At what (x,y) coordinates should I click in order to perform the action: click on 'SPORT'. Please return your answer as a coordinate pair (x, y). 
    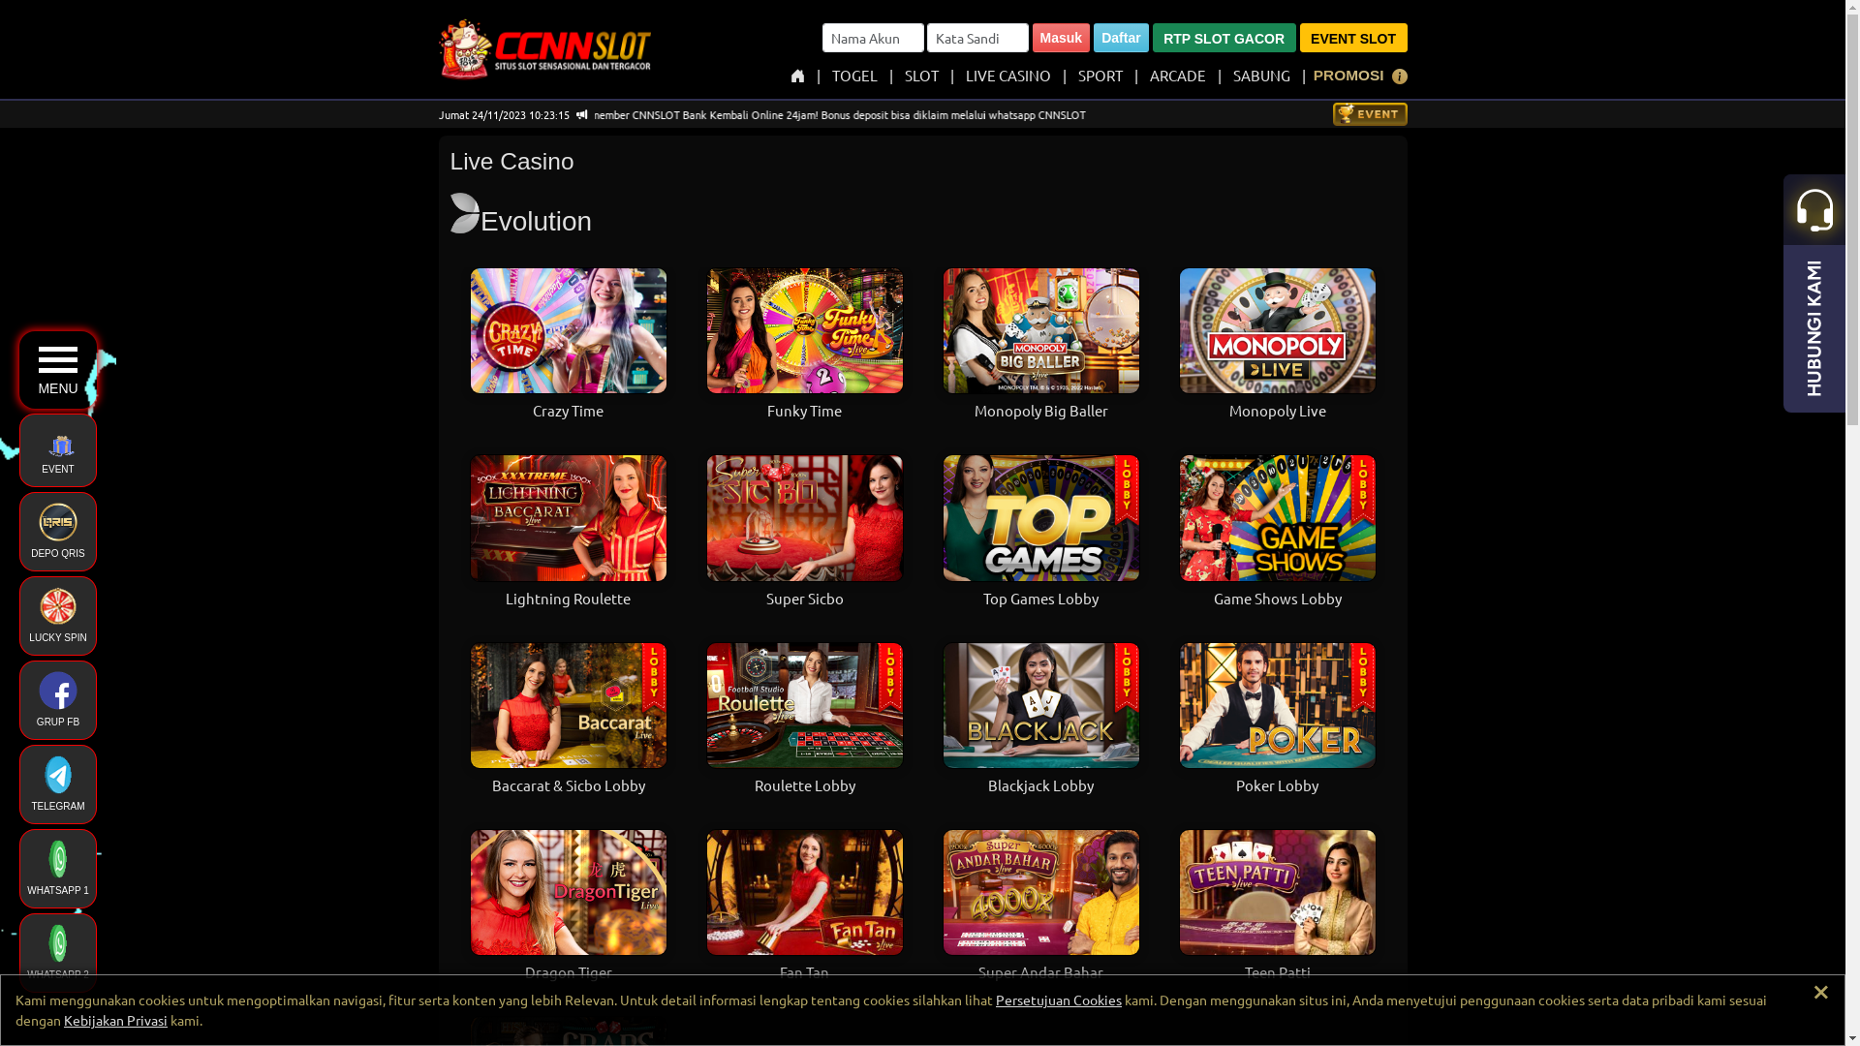
    Looking at the image, I should click on (1100, 74).